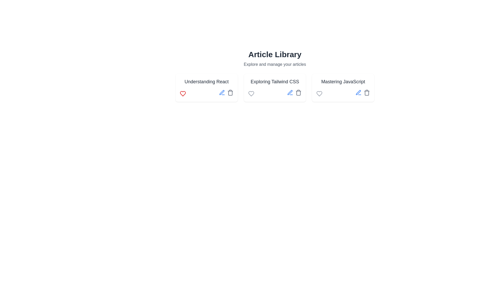 The height and width of the screenshot is (282, 501). What do you see at coordinates (275, 76) in the screenshot?
I see `the 'Article Library' section which contains three article cards arranged horizontally, located at the top-center of the layout` at bounding box center [275, 76].